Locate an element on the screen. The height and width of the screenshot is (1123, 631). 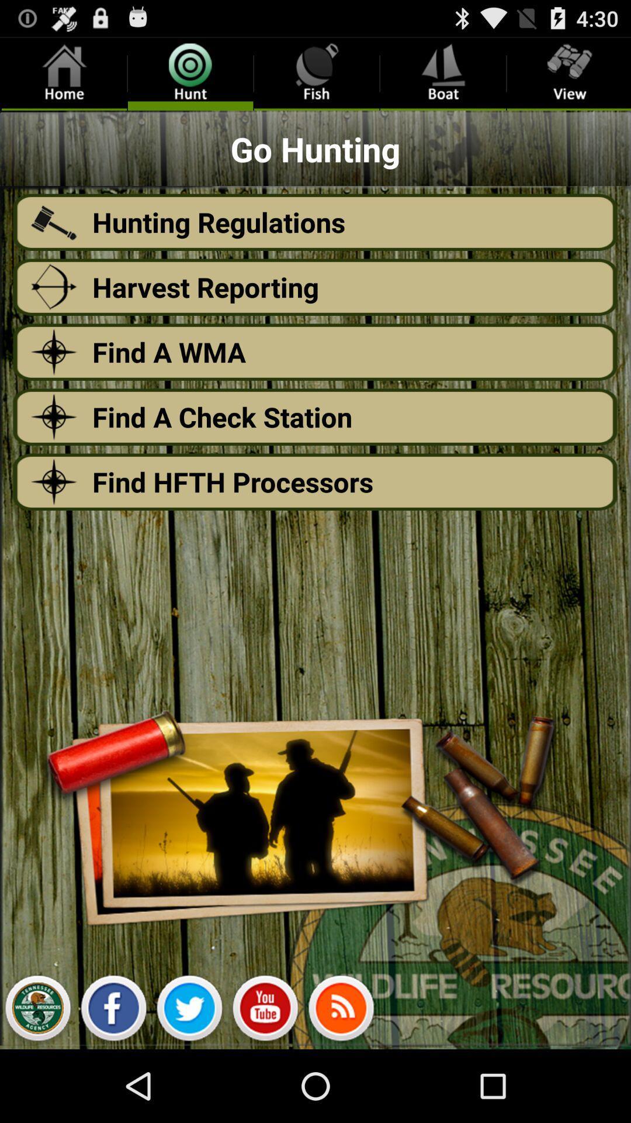
taggle the twiitter page is located at coordinates (189, 1011).